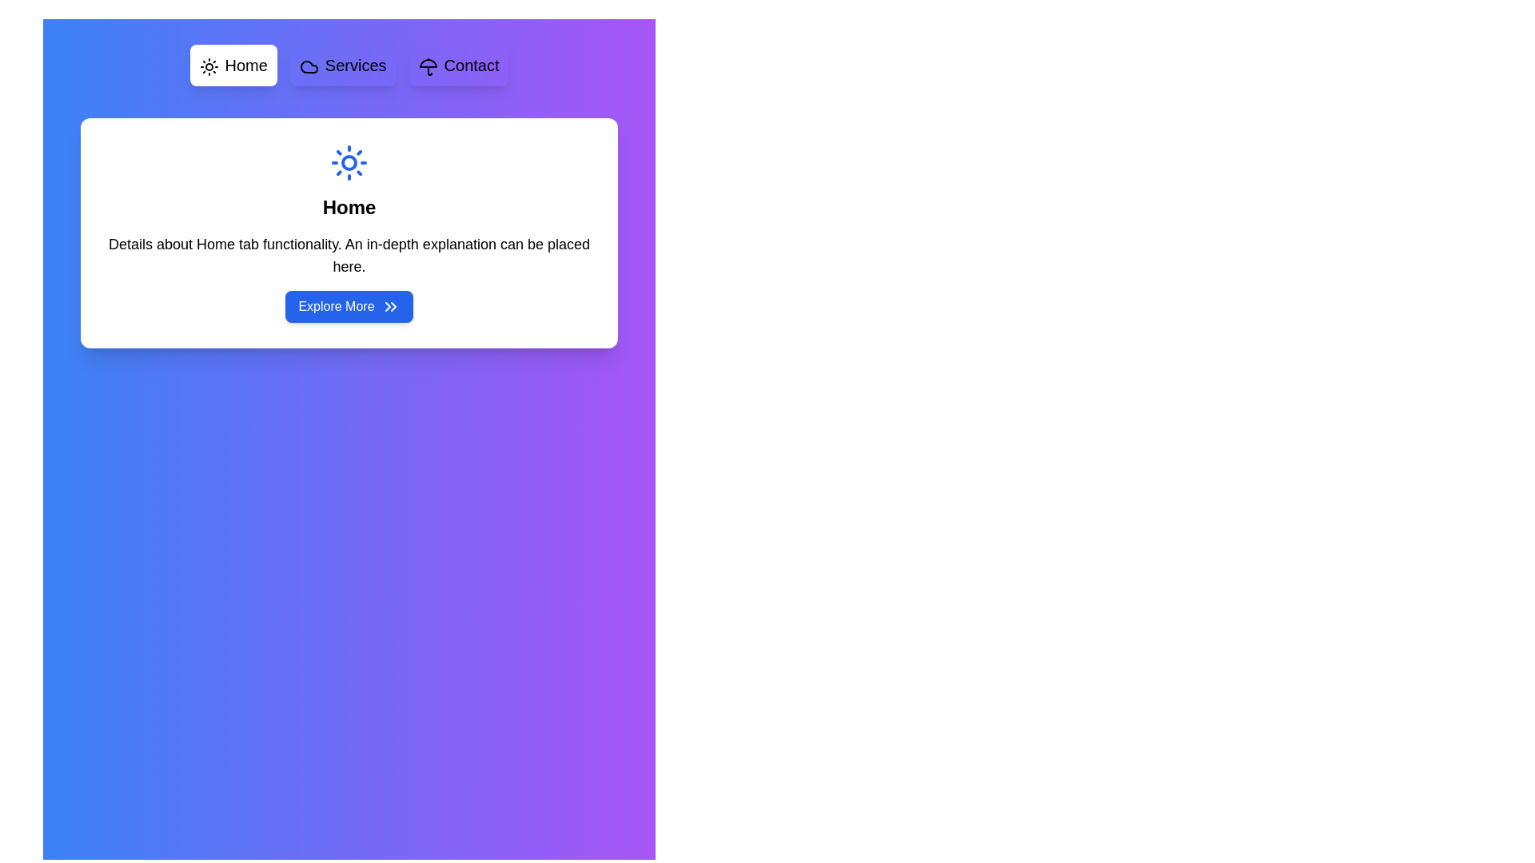  Describe the element at coordinates (390, 307) in the screenshot. I see `the dual-chevron icon located at the right-most part of the 'Explore More' button at the bottom center of the main white card component` at that location.